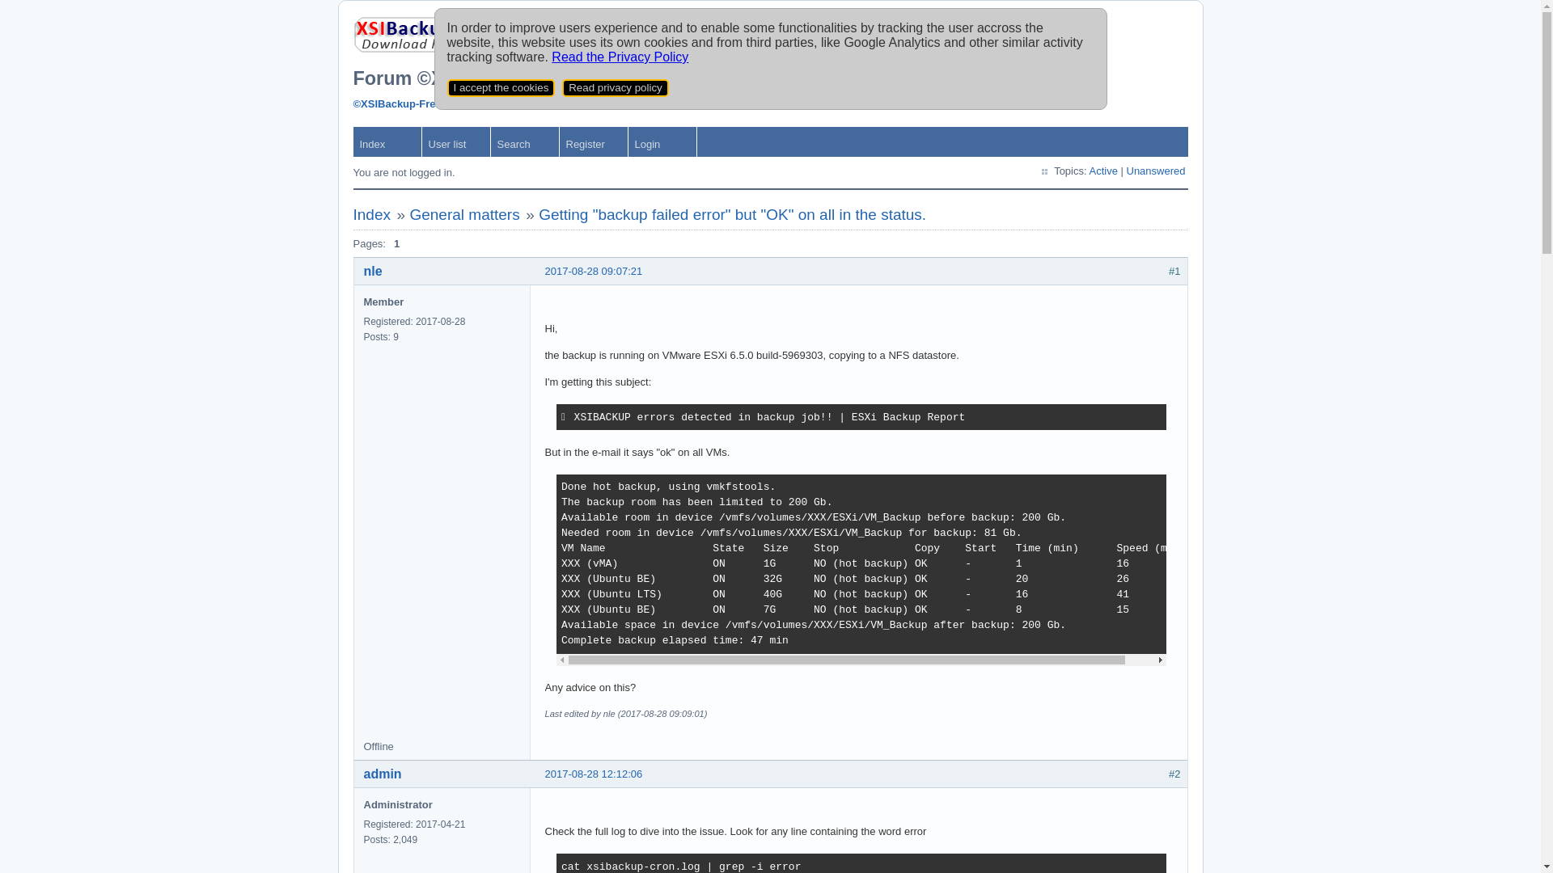  Describe the element at coordinates (593, 773) in the screenshot. I see `'2017-08-28 12:12:06'` at that location.